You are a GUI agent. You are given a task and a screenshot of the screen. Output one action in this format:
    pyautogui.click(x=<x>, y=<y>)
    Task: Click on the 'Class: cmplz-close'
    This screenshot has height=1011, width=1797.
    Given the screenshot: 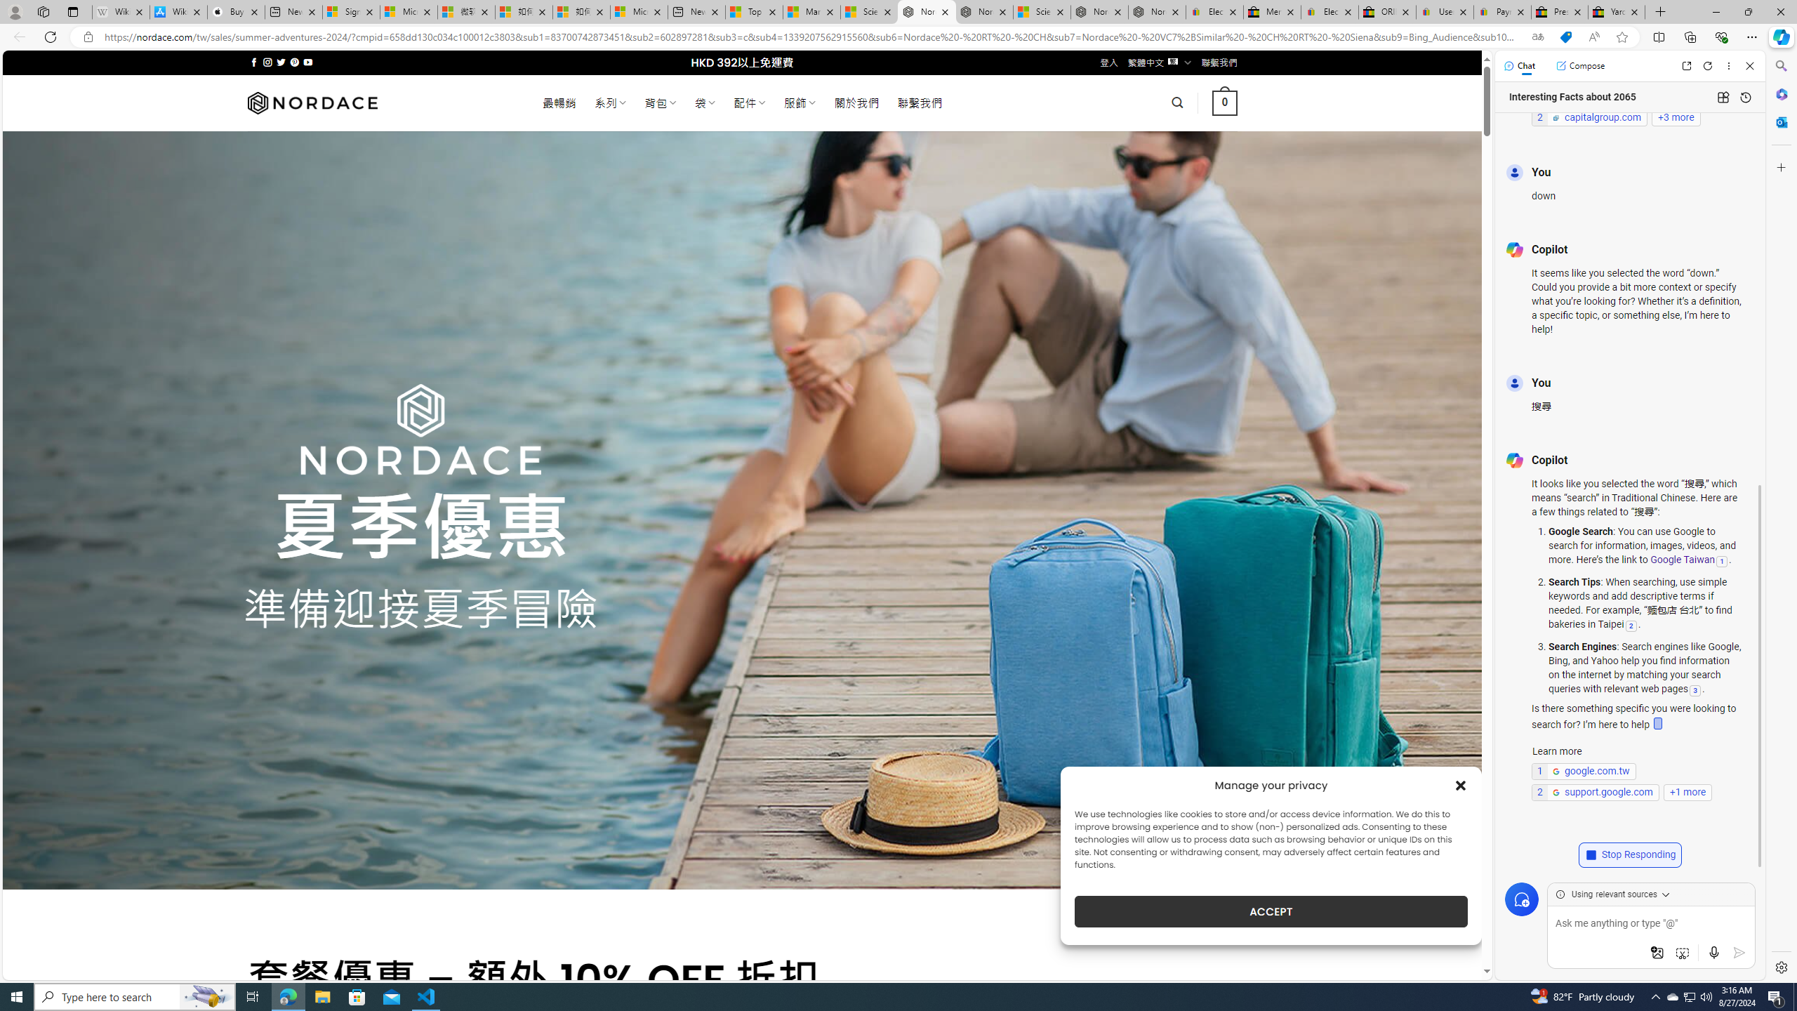 What is the action you would take?
    pyautogui.click(x=1460, y=785)
    